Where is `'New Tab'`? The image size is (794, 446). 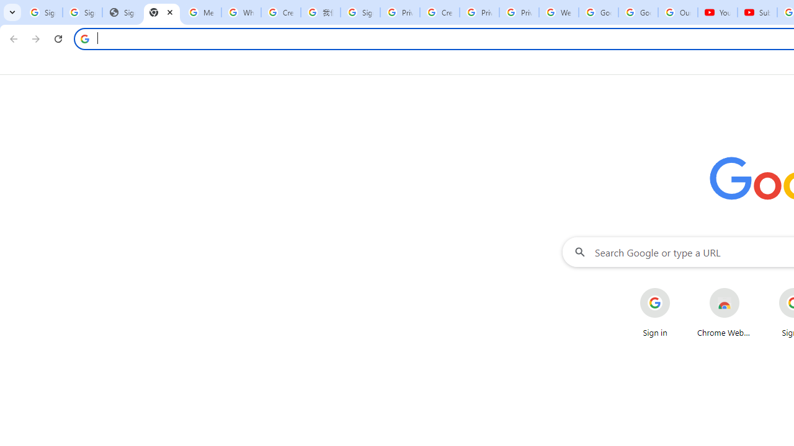 'New Tab' is located at coordinates (161, 12).